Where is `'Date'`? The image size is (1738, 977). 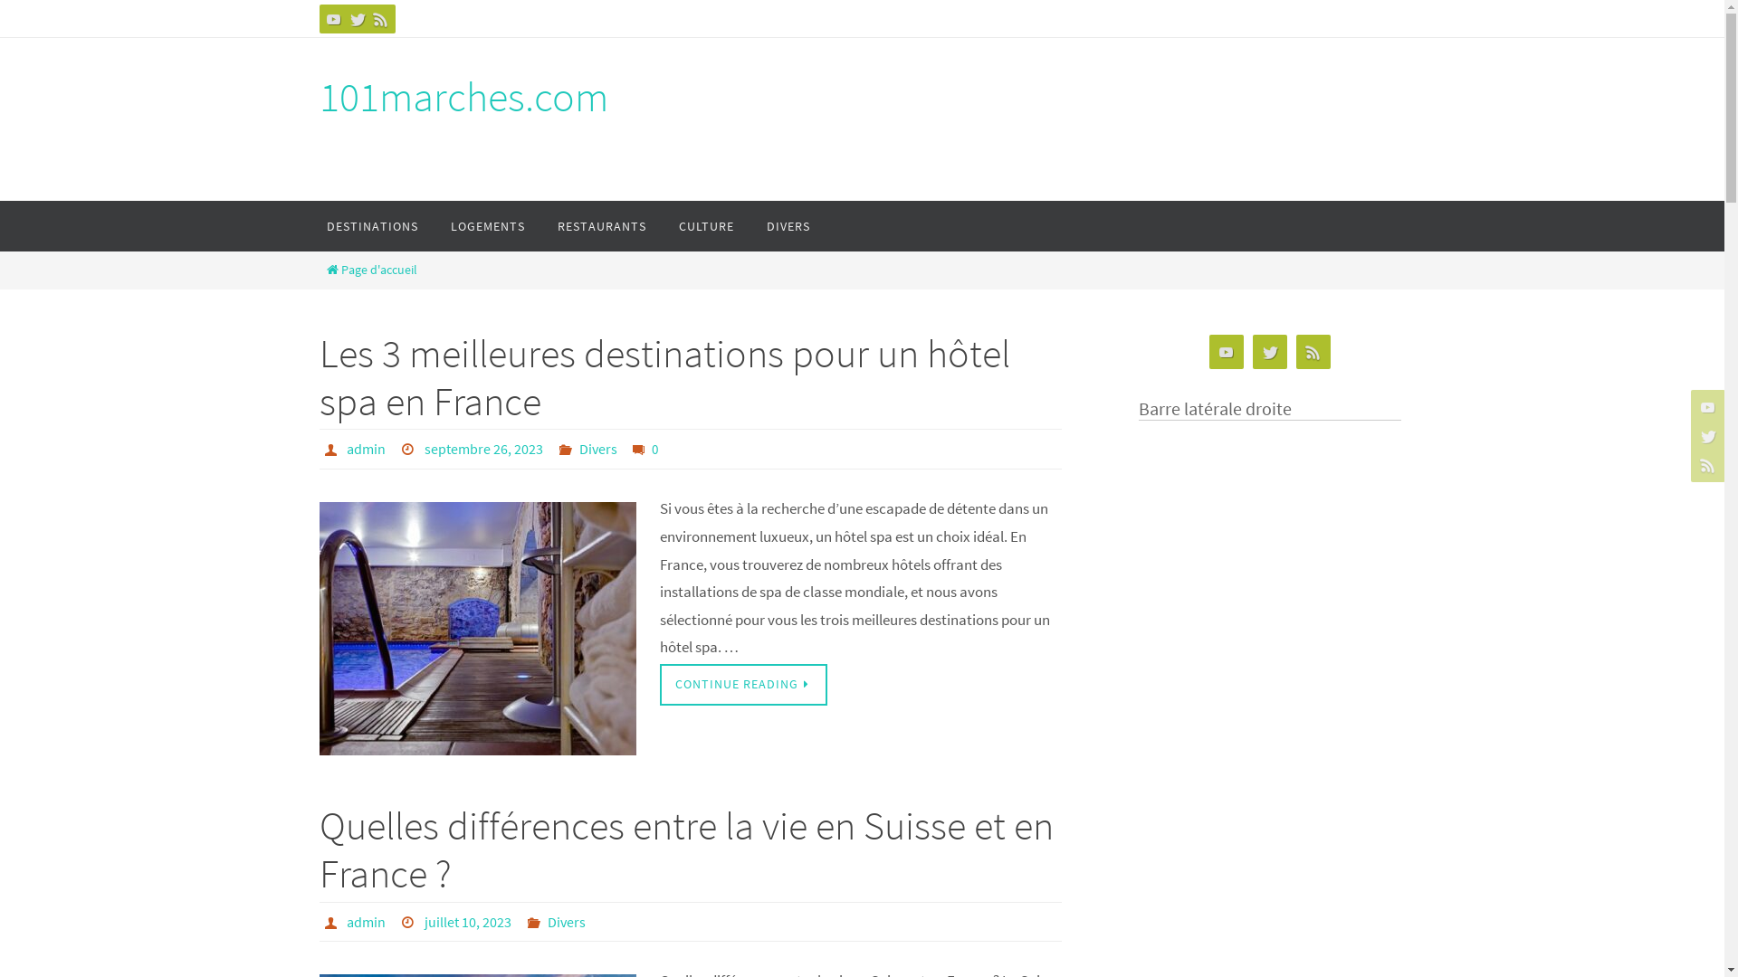 'Date' is located at coordinates (409, 921).